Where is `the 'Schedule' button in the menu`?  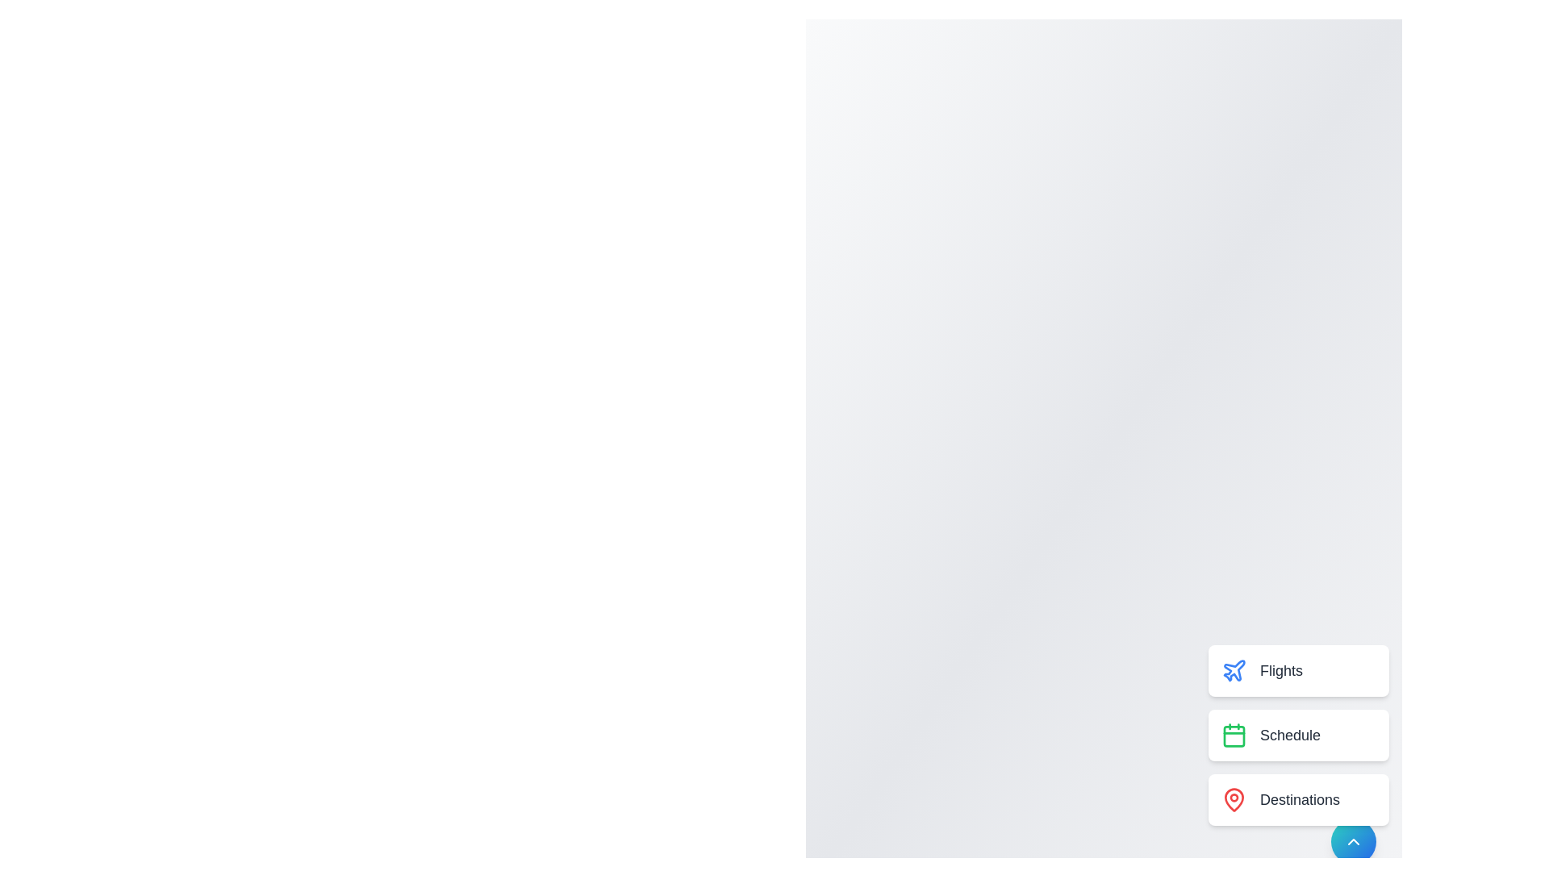
the 'Schedule' button in the menu is located at coordinates (1298, 735).